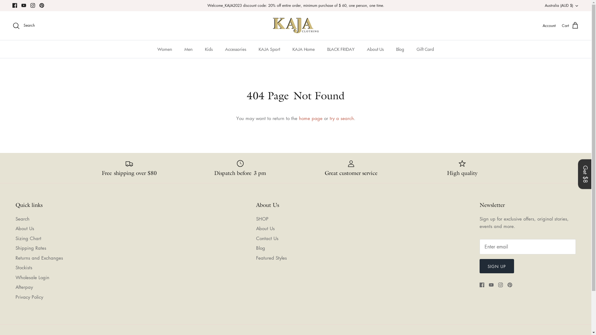  Describe the element at coordinates (310, 118) in the screenshot. I see `'home page'` at that location.